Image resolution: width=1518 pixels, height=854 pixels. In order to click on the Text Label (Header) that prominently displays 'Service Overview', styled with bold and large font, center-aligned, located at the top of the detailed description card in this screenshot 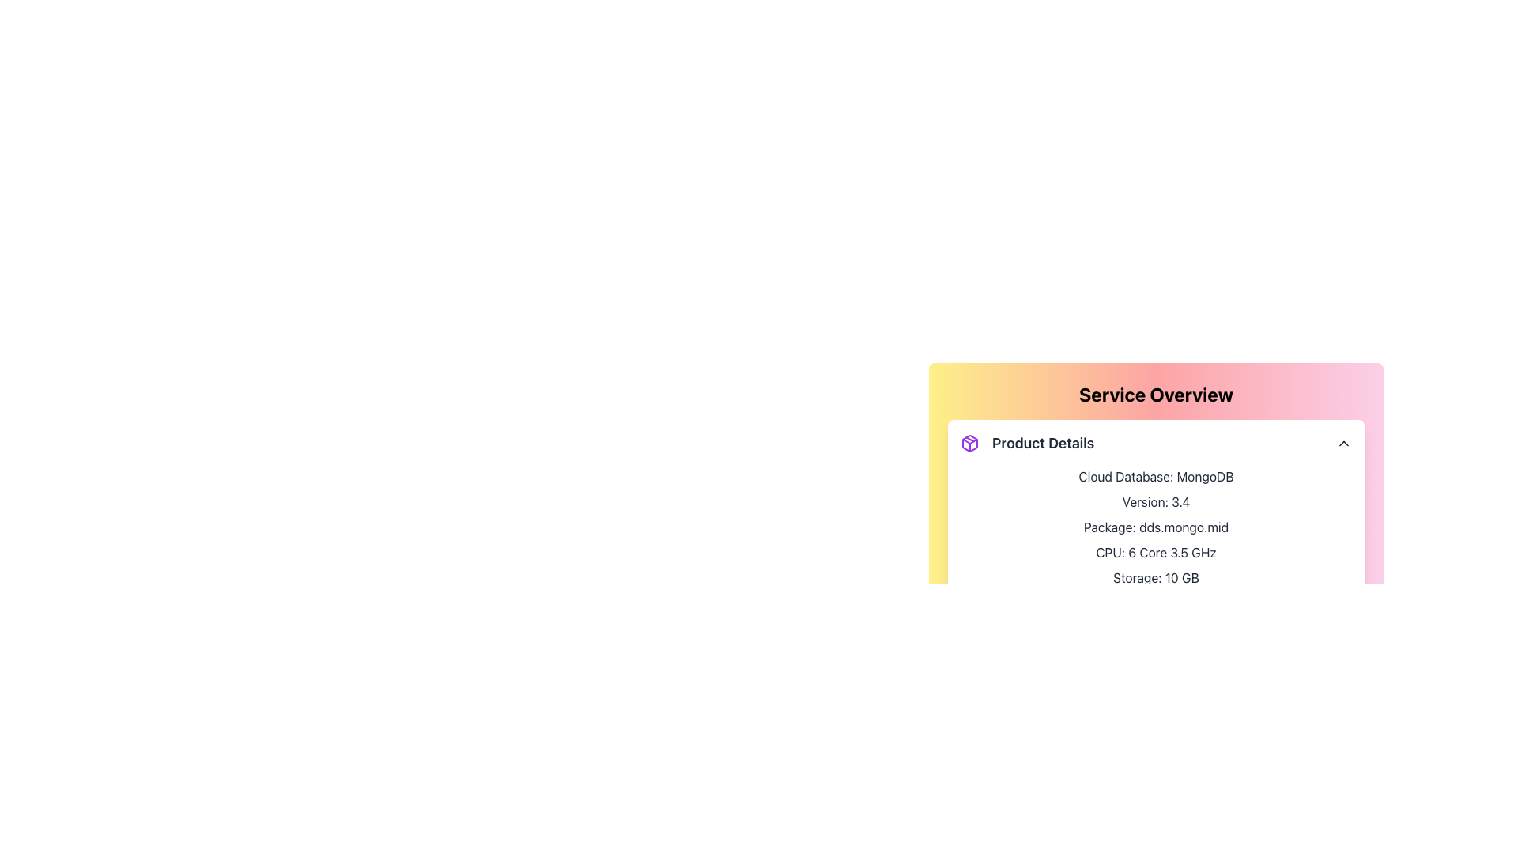, I will do `click(1156, 393)`.